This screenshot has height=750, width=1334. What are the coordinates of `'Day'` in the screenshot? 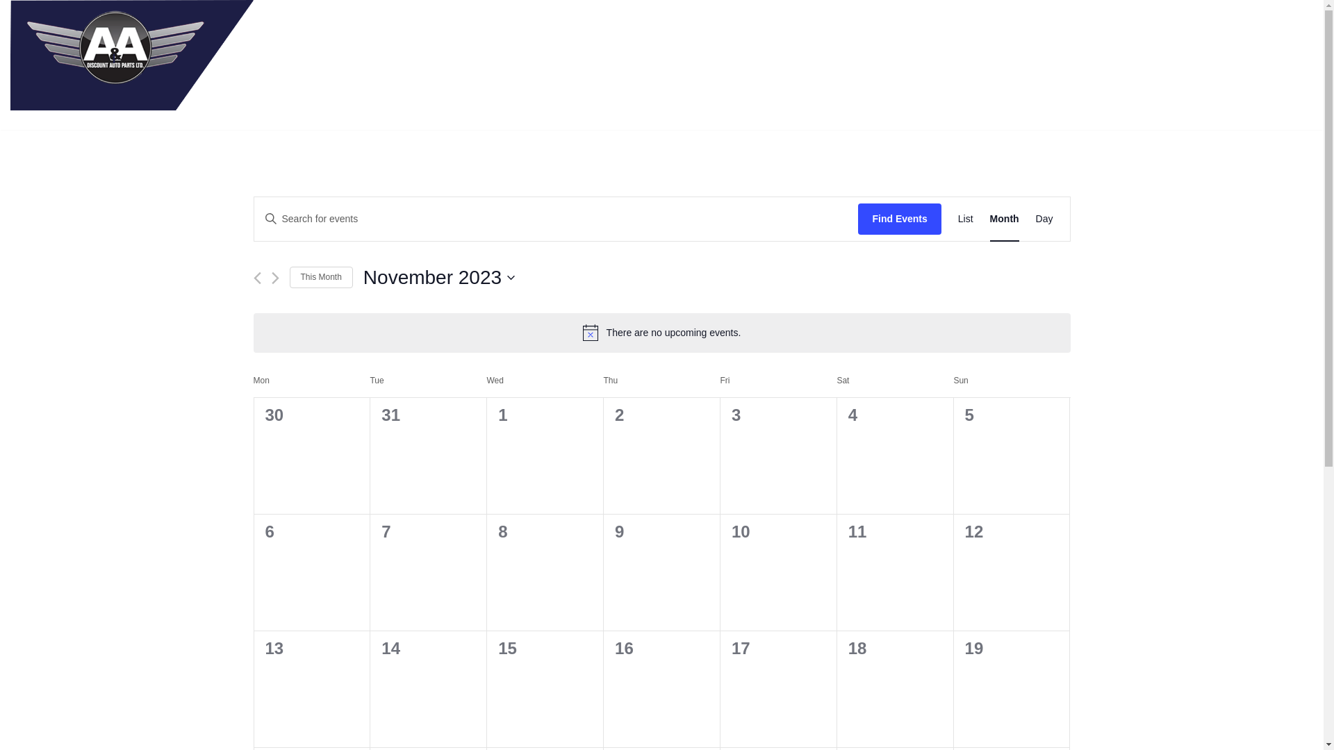 It's located at (1036, 219).